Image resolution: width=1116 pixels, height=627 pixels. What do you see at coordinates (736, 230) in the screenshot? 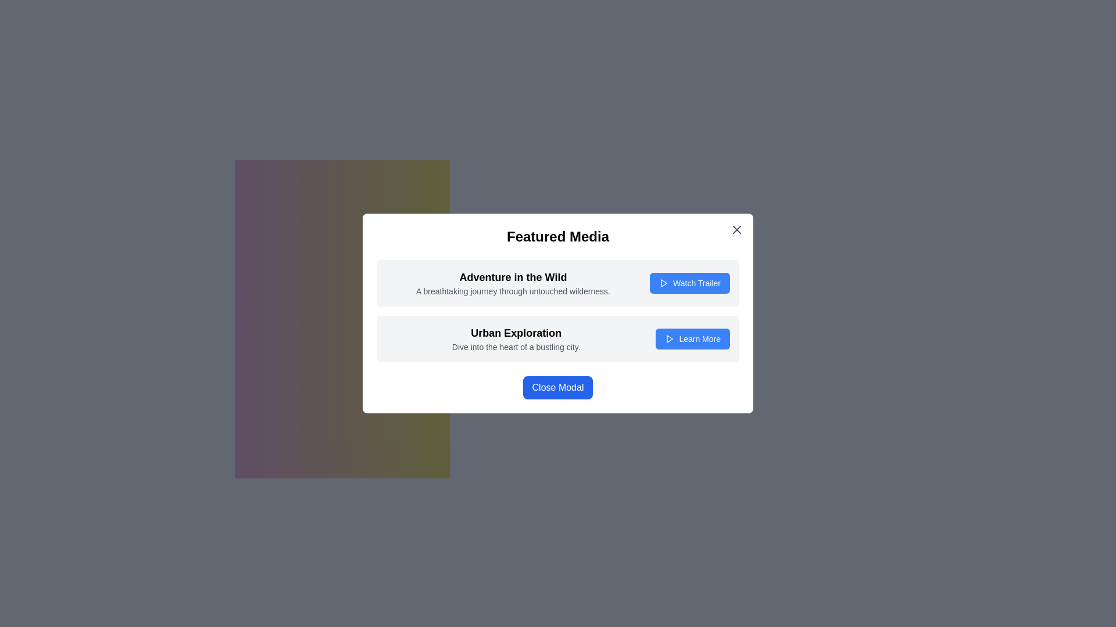
I see `the close button located in the upper-right corner of the modal dialog` at bounding box center [736, 230].